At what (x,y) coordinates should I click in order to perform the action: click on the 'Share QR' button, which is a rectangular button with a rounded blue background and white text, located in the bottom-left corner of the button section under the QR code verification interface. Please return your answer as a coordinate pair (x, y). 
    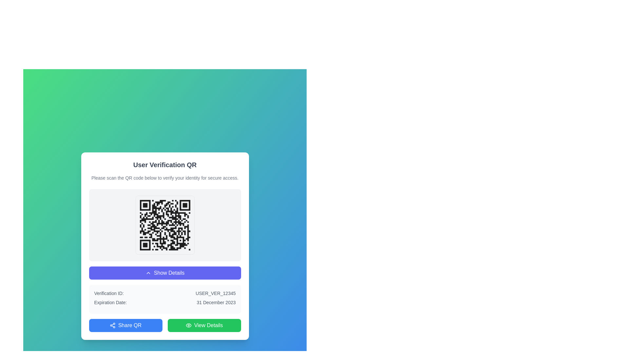
    Looking at the image, I should click on (125, 325).